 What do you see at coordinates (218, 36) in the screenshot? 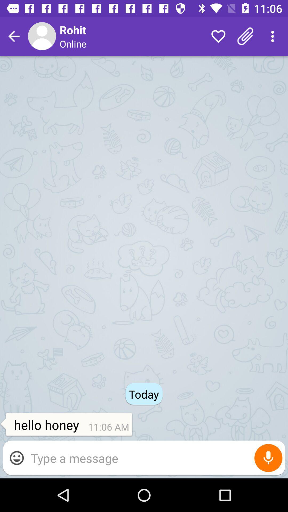
I see `the item next to the online icon` at bounding box center [218, 36].